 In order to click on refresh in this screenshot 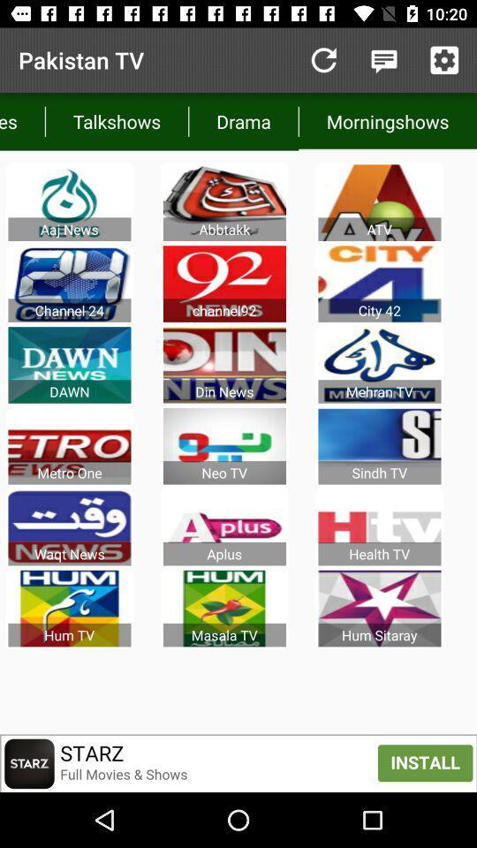, I will do `click(322, 60)`.